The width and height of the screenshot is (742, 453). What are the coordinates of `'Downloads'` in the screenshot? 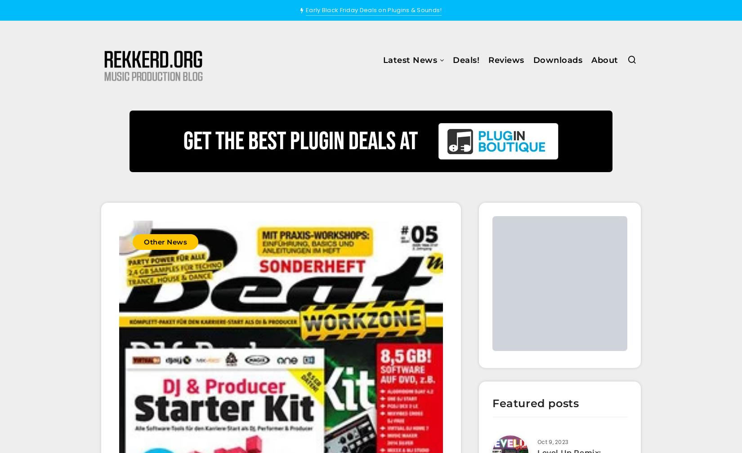 It's located at (557, 60).